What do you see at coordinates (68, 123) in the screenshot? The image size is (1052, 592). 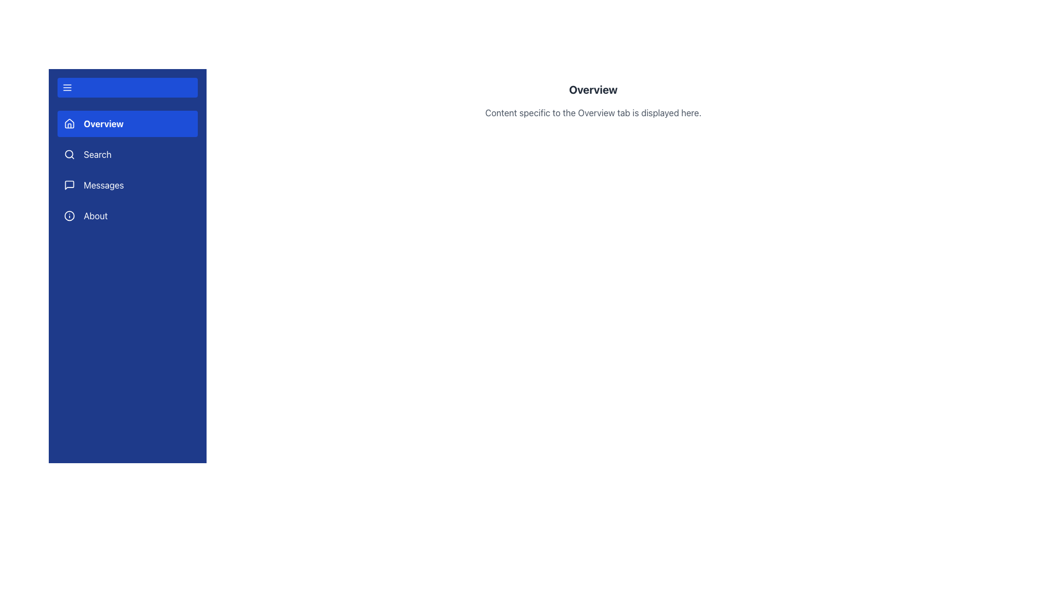 I see `the house icon located in the navigation sidebar next to the 'Overview' text` at bounding box center [68, 123].